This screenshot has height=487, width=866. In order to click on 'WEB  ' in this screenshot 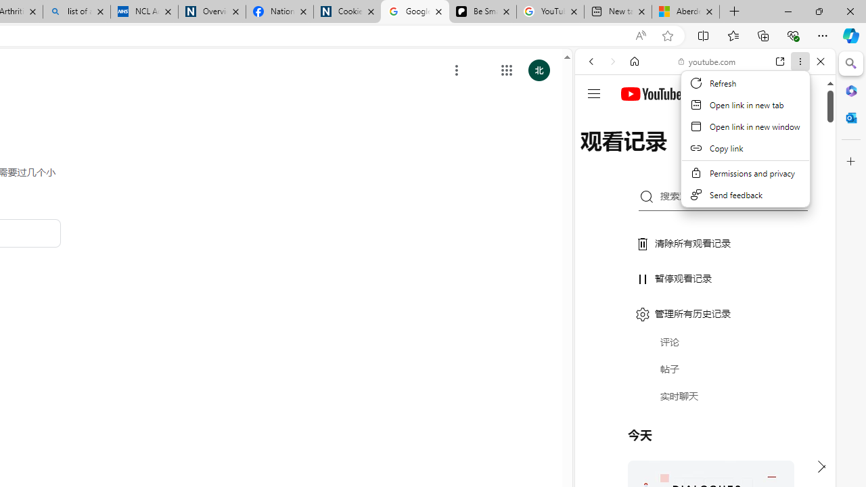, I will do `click(596, 154)`.